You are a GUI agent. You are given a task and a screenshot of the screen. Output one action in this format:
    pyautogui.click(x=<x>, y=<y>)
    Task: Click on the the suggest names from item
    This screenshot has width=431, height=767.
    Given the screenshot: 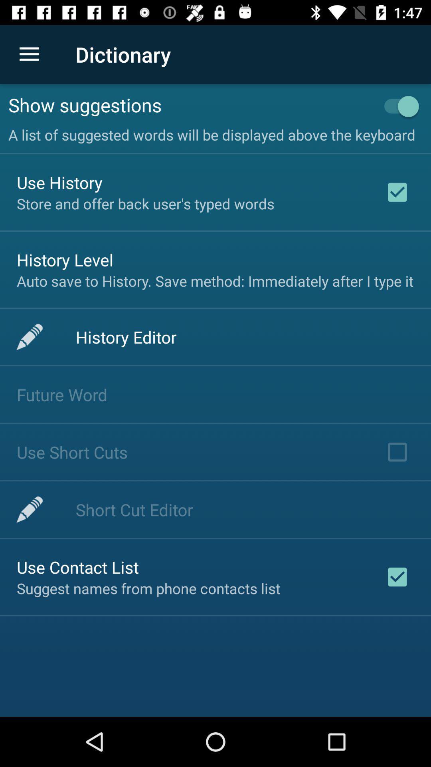 What is the action you would take?
    pyautogui.click(x=148, y=588)
    